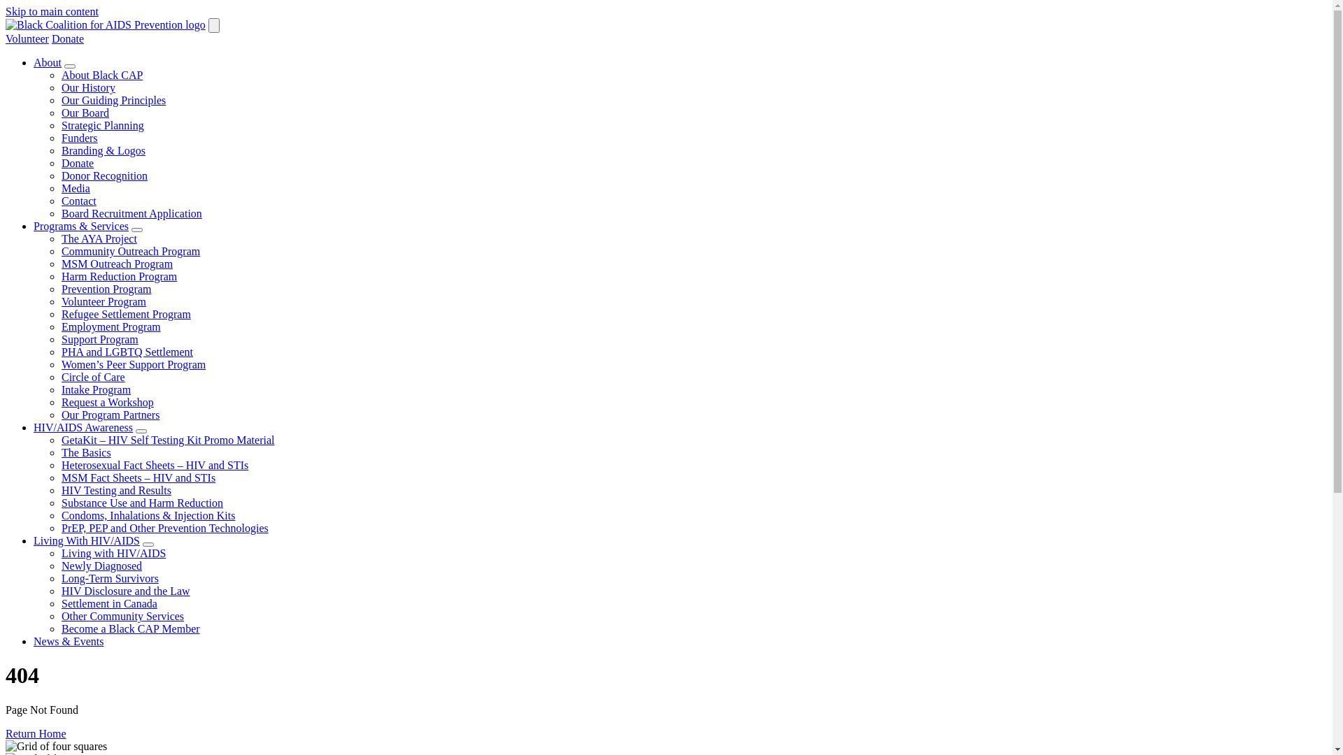  Describe the element at coordinates (126, 313) in the screenshot. I see `'Refugee Settlement Program'` at that location.